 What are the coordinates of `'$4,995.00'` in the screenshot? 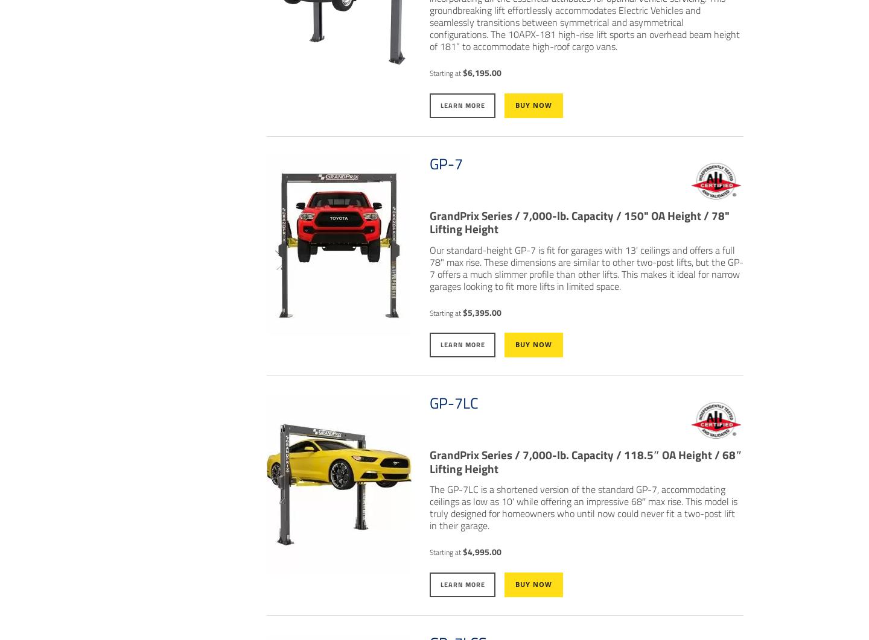 It's located at (461, 551).